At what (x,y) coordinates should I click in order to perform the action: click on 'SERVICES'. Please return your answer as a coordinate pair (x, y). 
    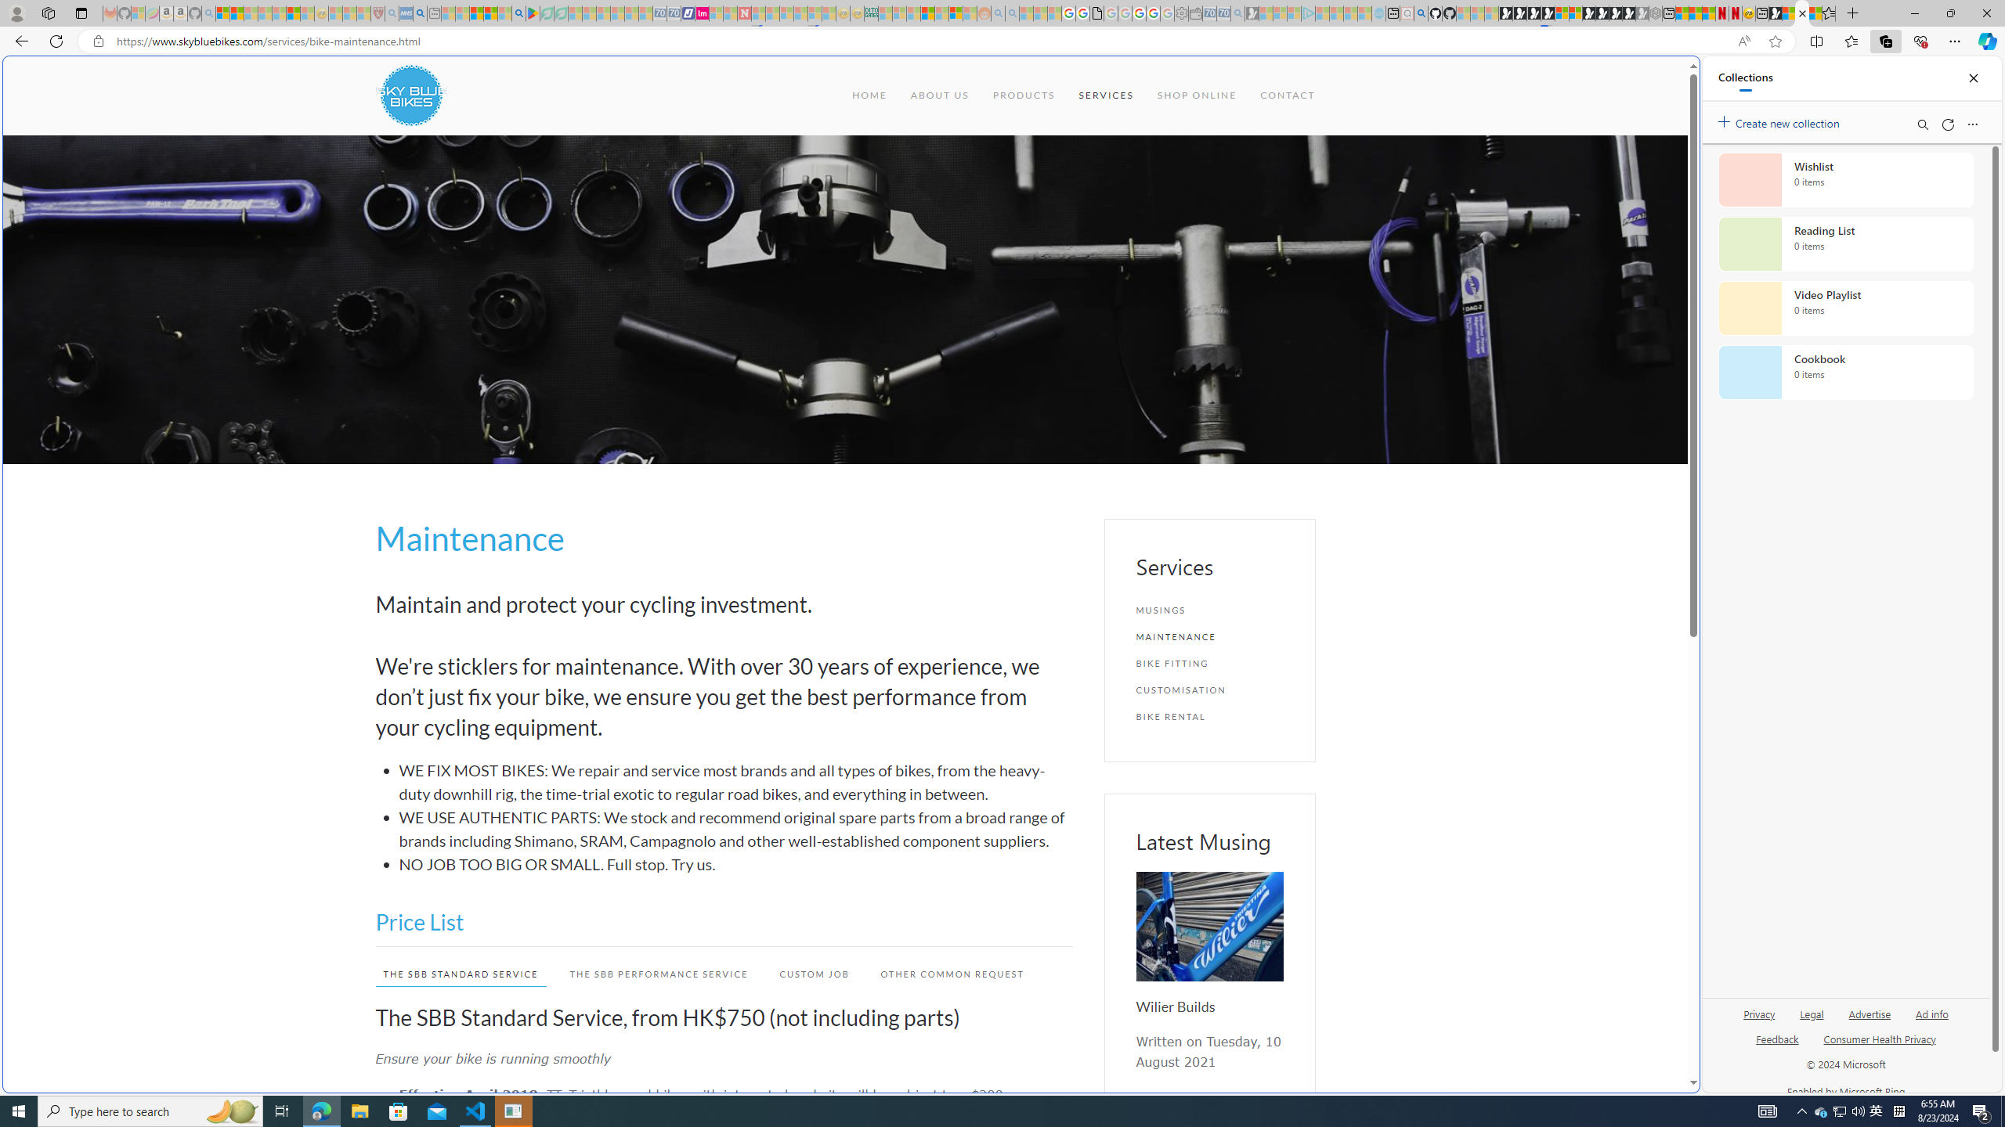
    Looking at the image, I should click on (1104, 94).